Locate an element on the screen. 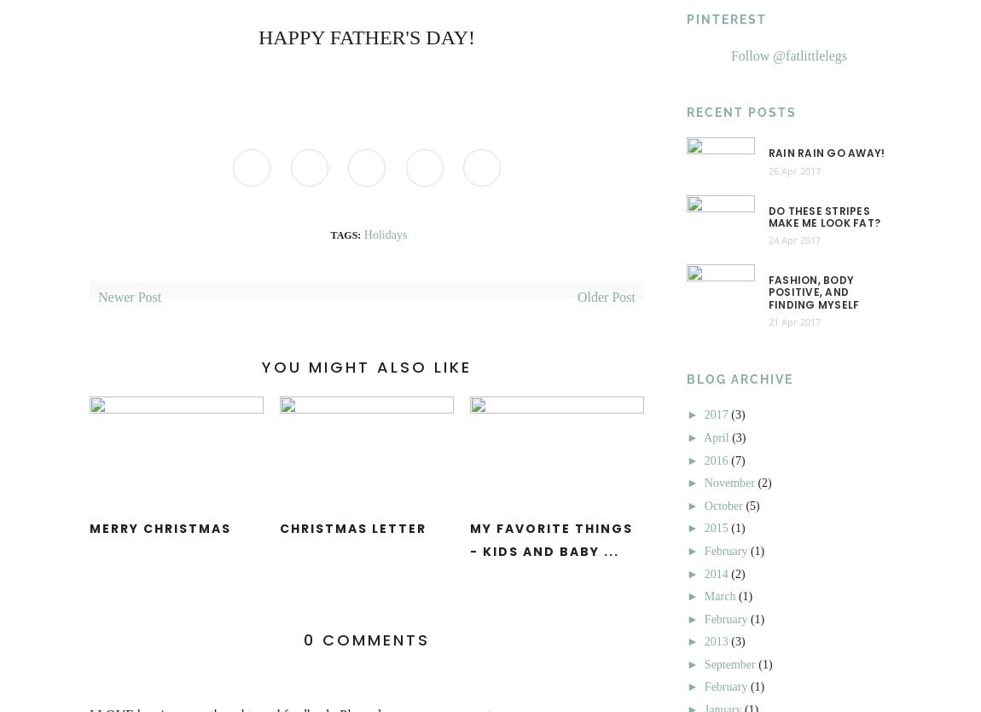 Image resolution: width=981 pixels, height=712 pixels. 'Christmas Letter' is located at coordinates (353, 527).